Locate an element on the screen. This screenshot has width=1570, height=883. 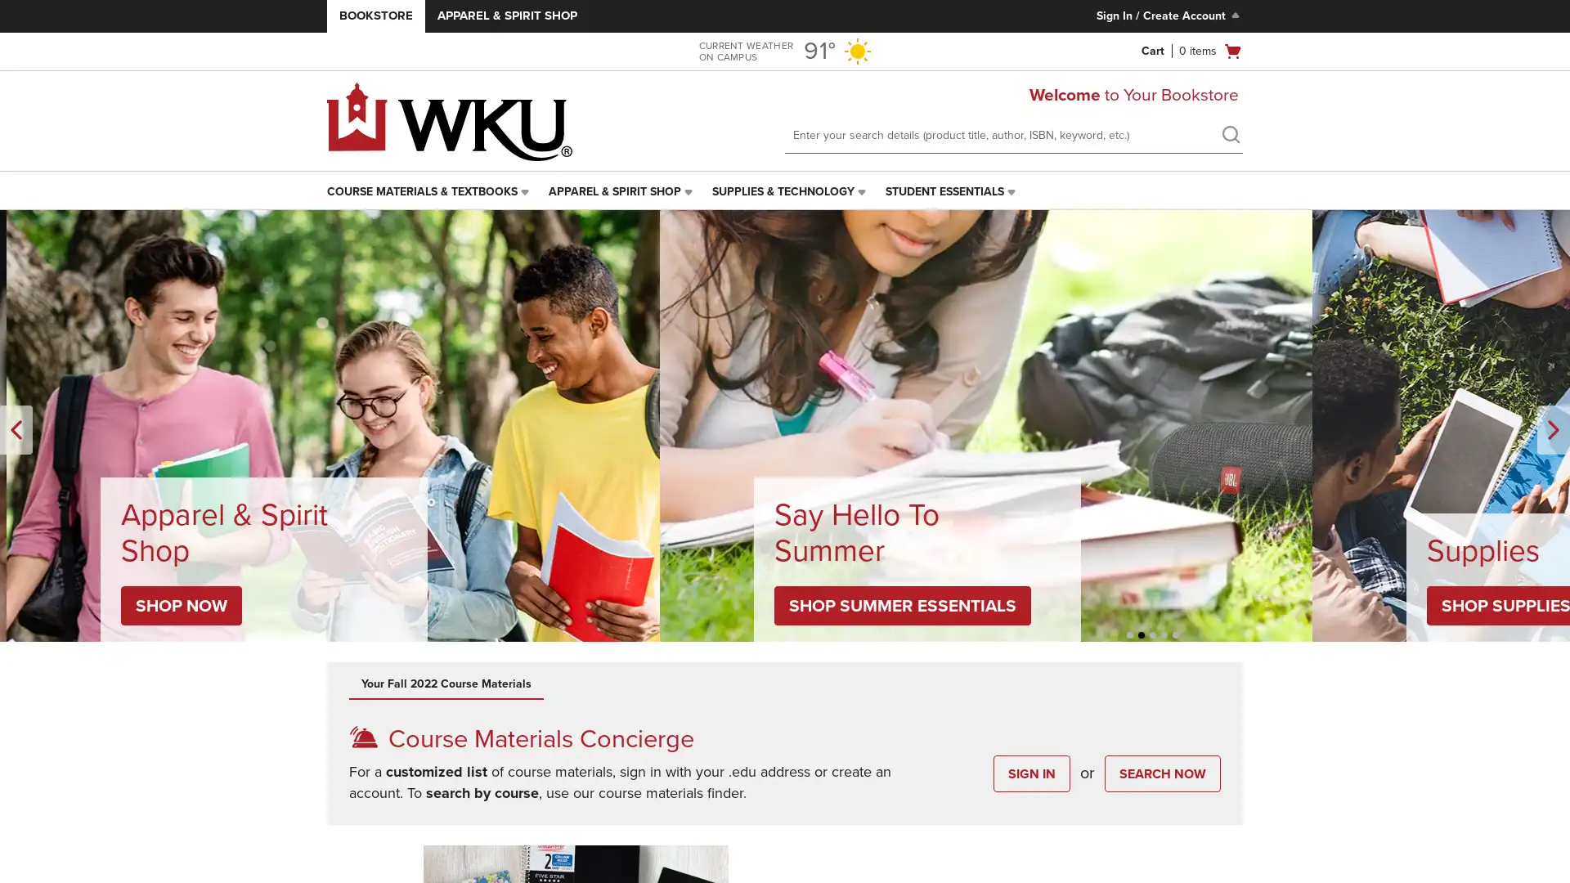
Unselected, Slide 2 is located at coordinates (1141, 634).